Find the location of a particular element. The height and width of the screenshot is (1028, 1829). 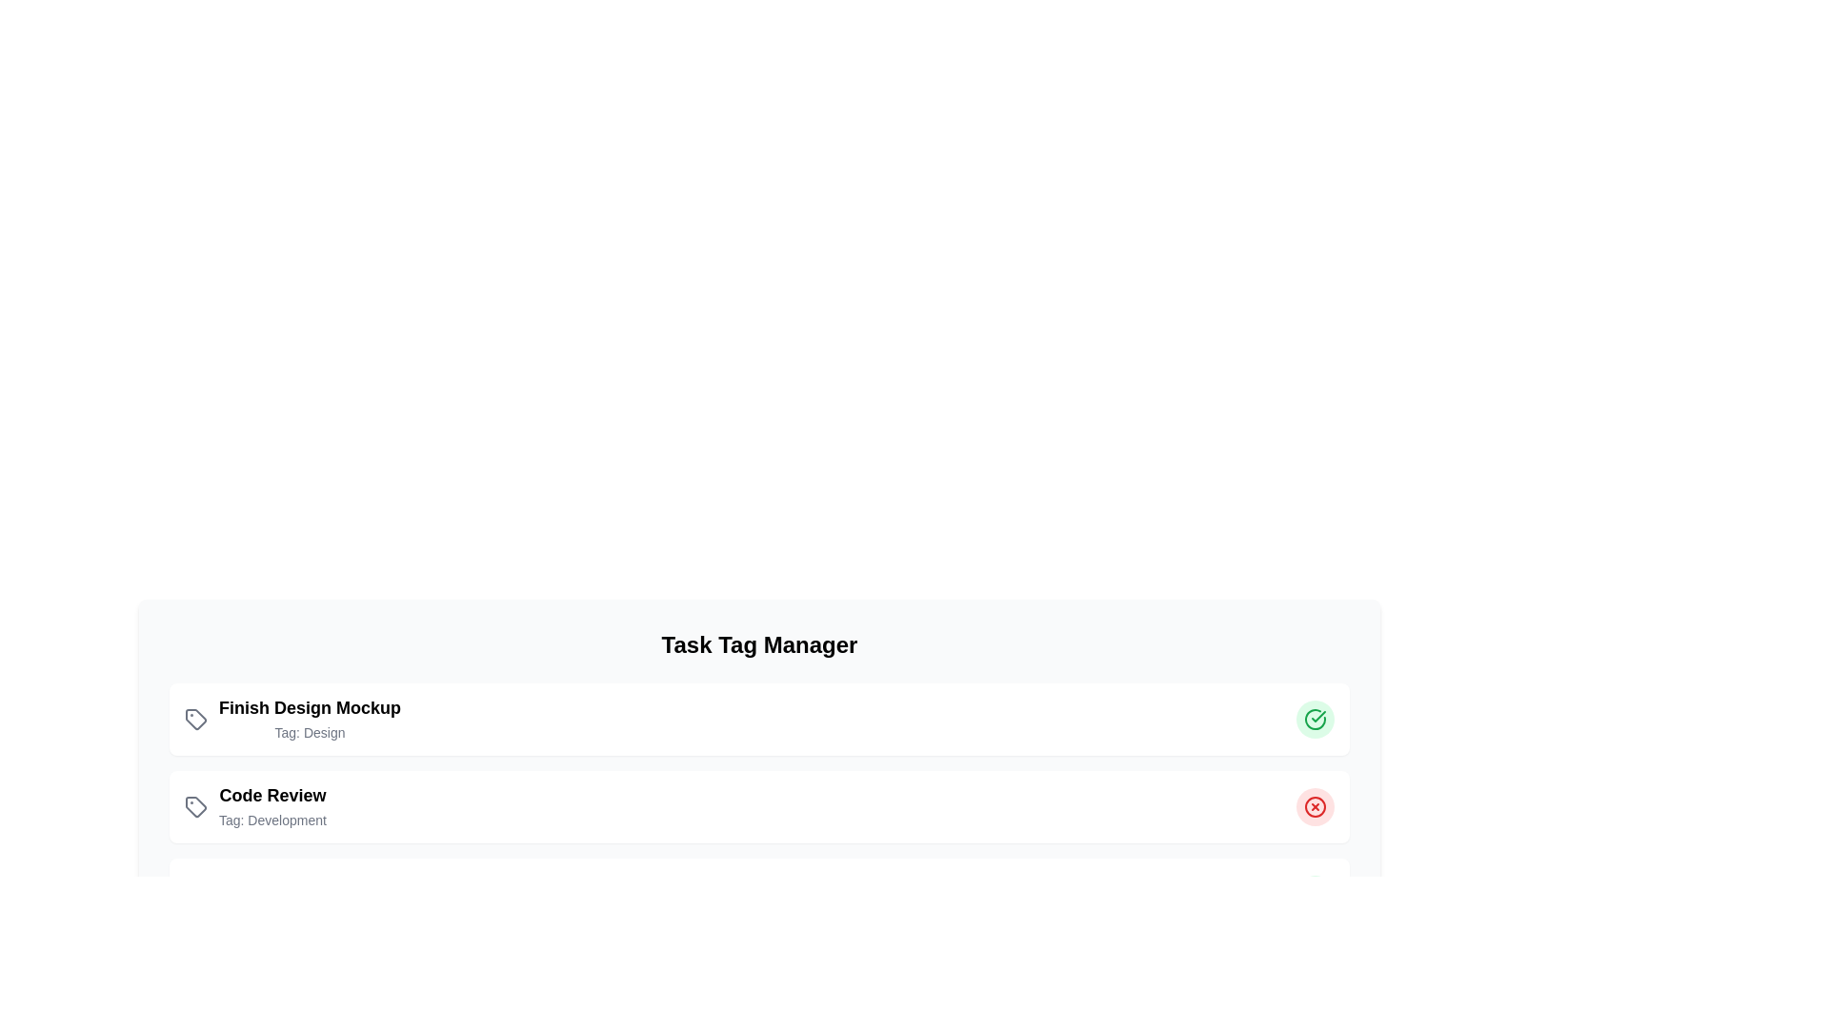

the 'Code Review' text label, which serves as a title in the task management system, located in the second row of the list above 'Tag: Development' is located at coordinates (271, 796).